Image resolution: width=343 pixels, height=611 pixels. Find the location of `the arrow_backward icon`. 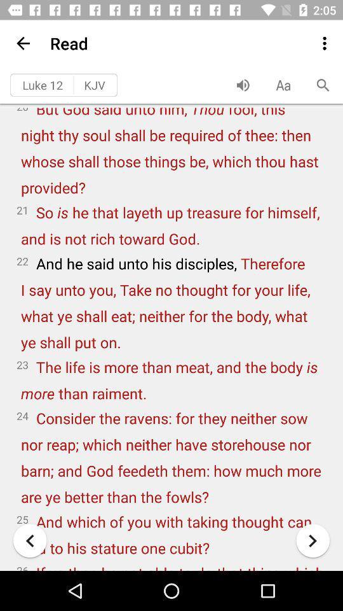

the arrow_backward icon is located at coordinates (30, 540).